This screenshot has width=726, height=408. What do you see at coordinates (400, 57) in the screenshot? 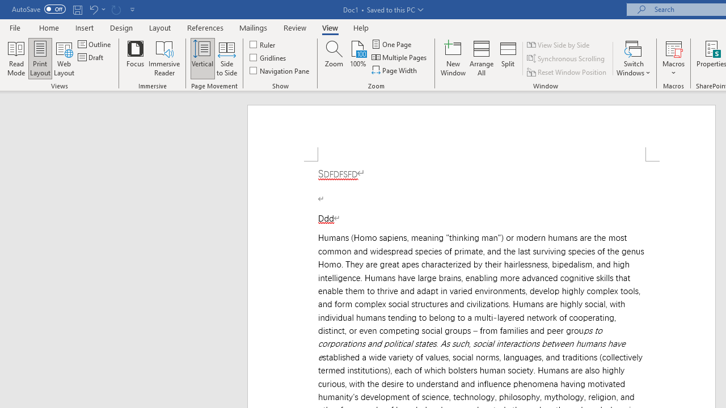
I see `'Multiple Pages'` at bounding box center [400, 57].